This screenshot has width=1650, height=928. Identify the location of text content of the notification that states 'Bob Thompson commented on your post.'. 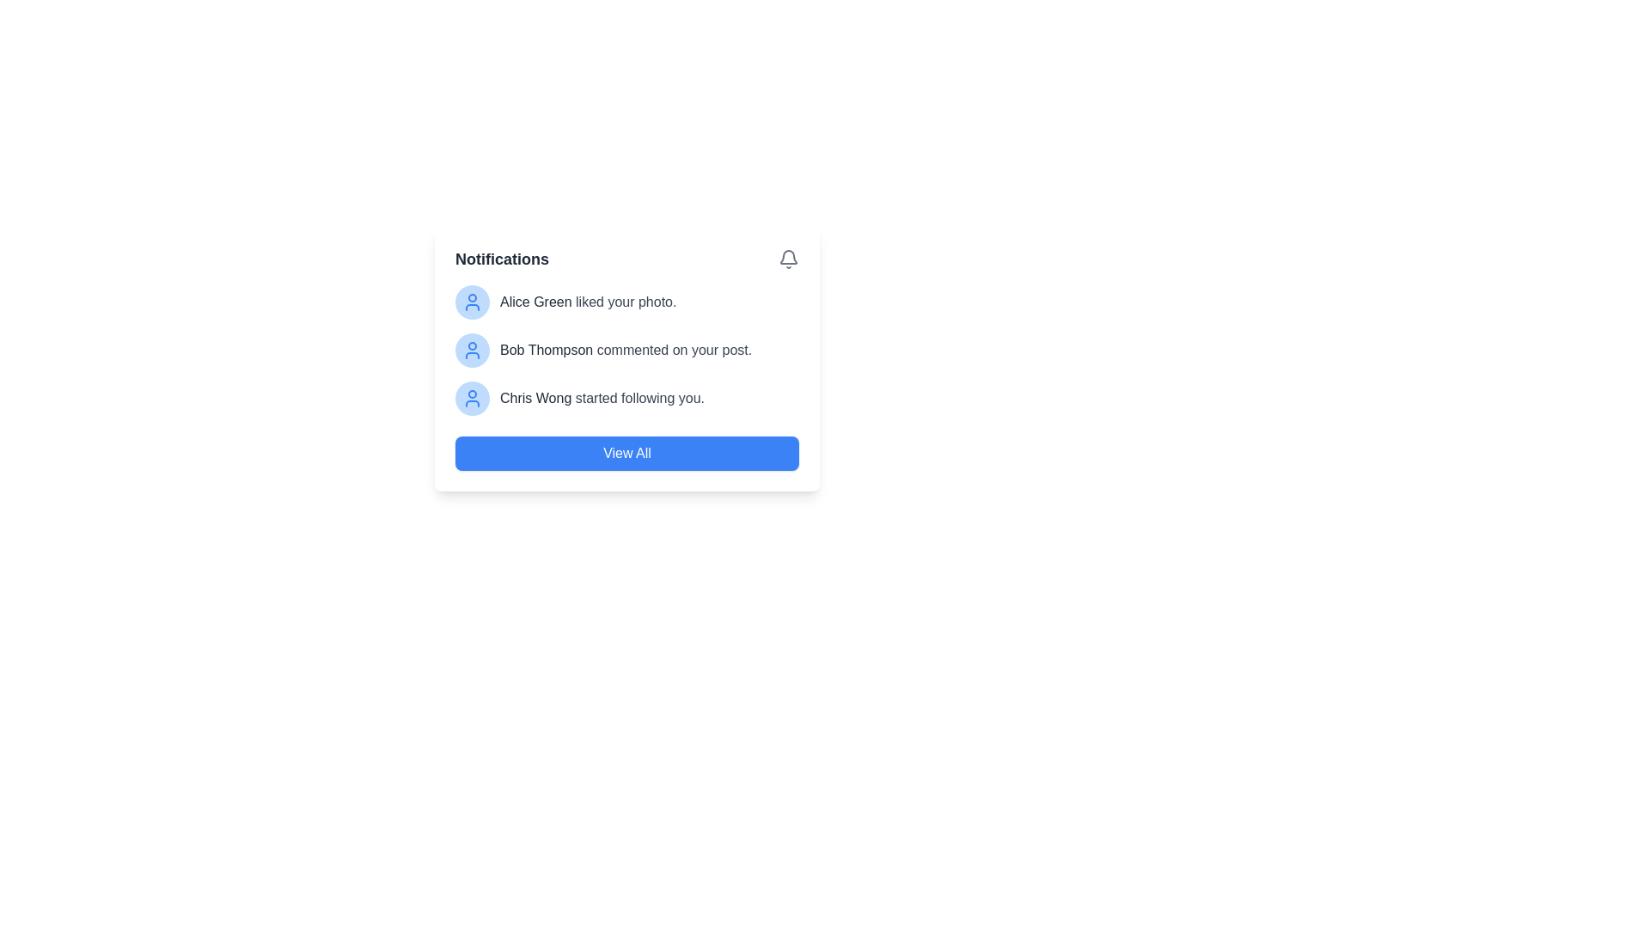
(625, 350).